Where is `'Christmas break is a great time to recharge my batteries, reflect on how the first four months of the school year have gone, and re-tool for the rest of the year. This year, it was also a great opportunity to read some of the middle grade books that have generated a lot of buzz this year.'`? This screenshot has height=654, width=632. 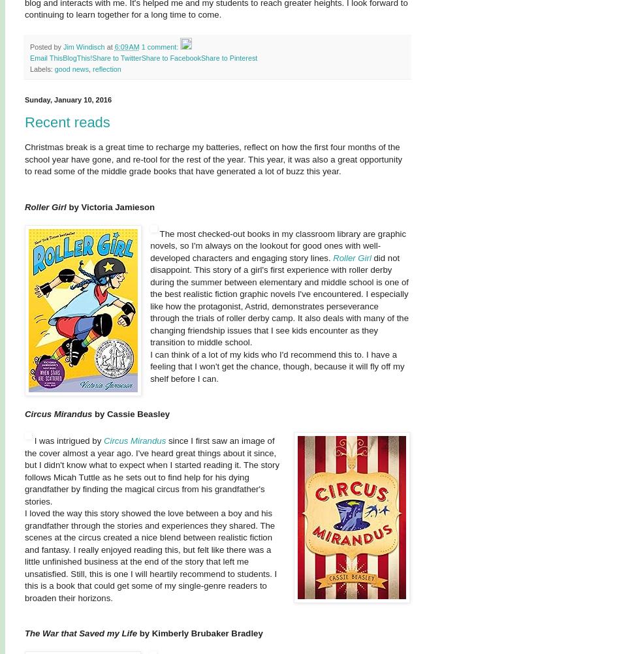 'Christmas break is a great time to recharge my batteries, reflect on how the first four months of the school year have gone, and re-tool for the rest of the year. This year, it was also a great opportunity to read some of the middle grade books that have generated a lot of buzz this year.' is located at coordinates (25, 159).